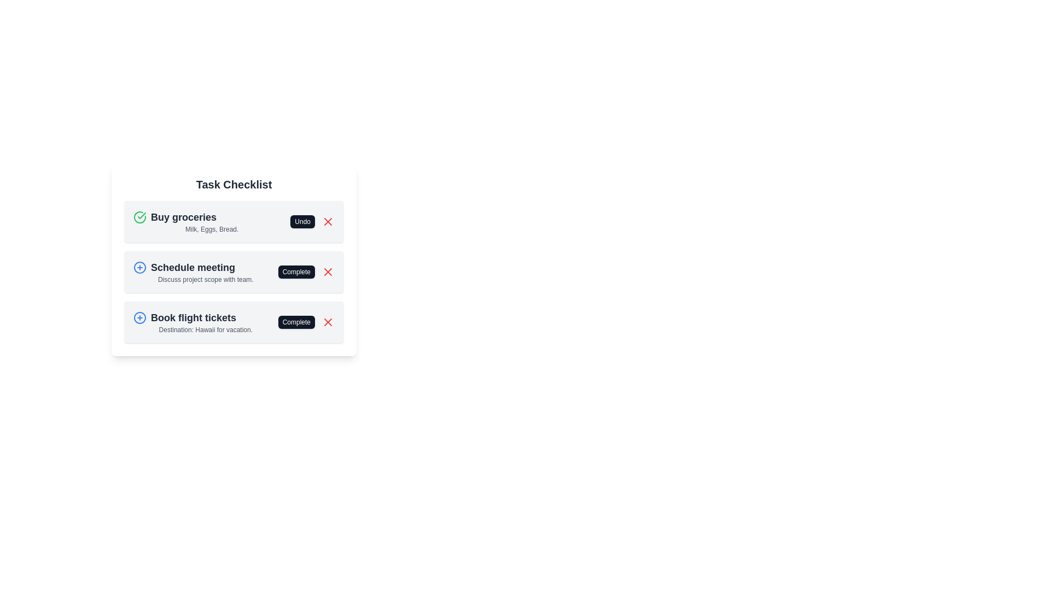 This screenshot has width=1050, height=590. What do you see at coordinates (328, 221) in the screenshot?
I see `remove button for the task 'Buy groceries'` at bounding box center [328, 221].